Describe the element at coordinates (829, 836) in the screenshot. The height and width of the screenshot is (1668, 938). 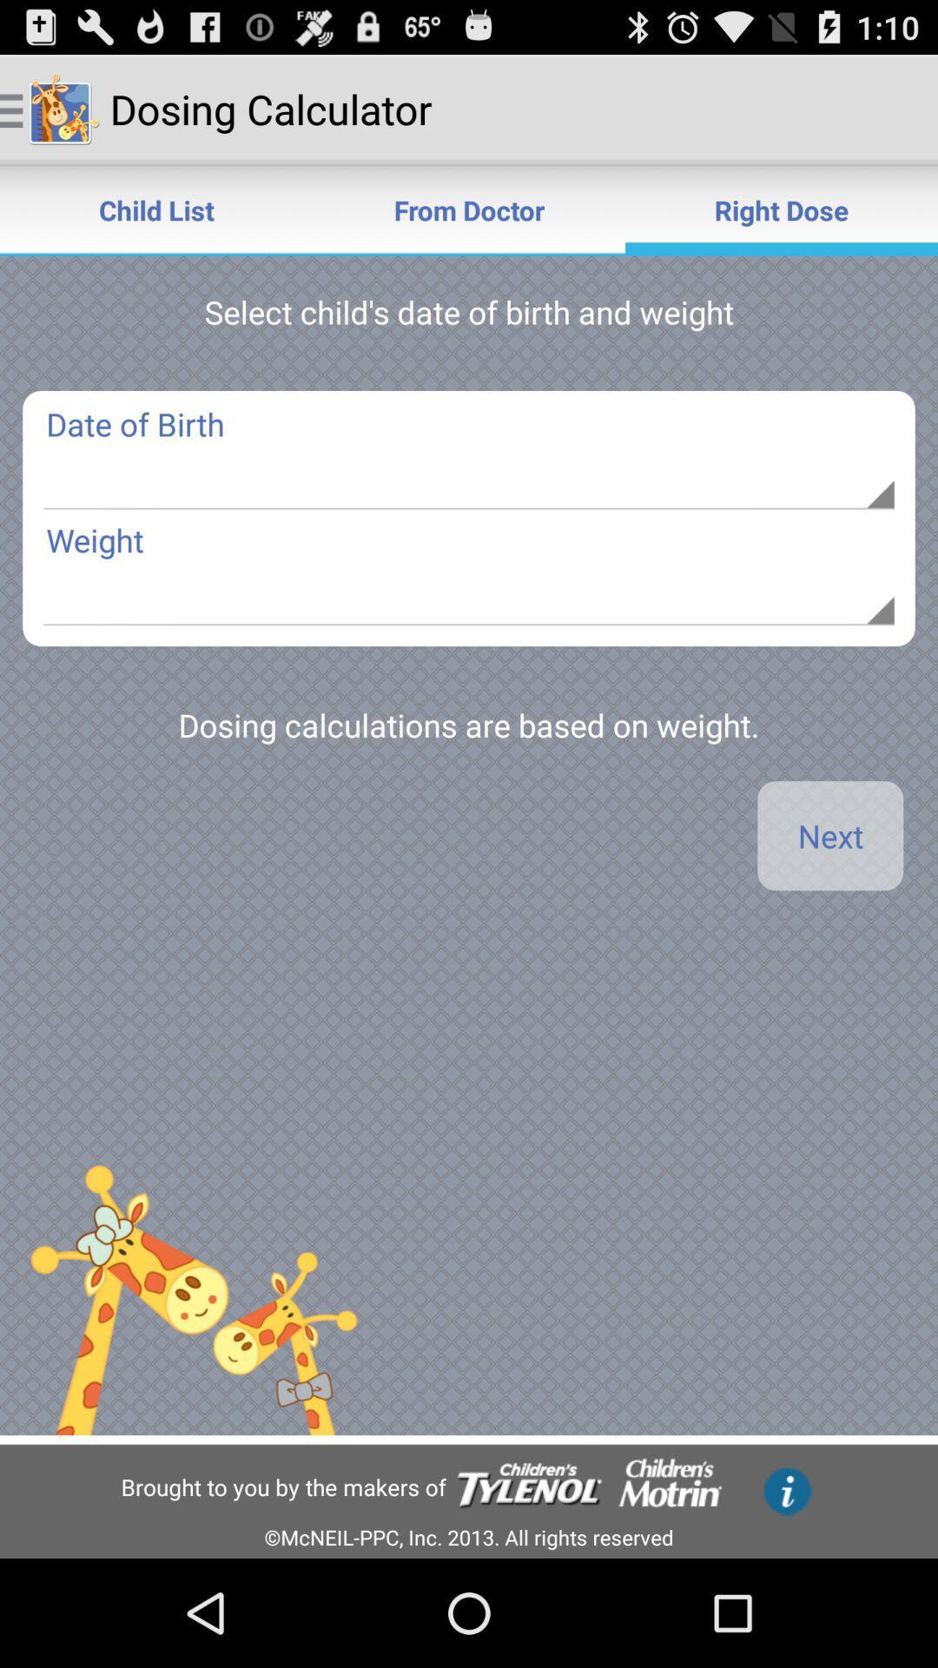
I see `next icon` at that location.